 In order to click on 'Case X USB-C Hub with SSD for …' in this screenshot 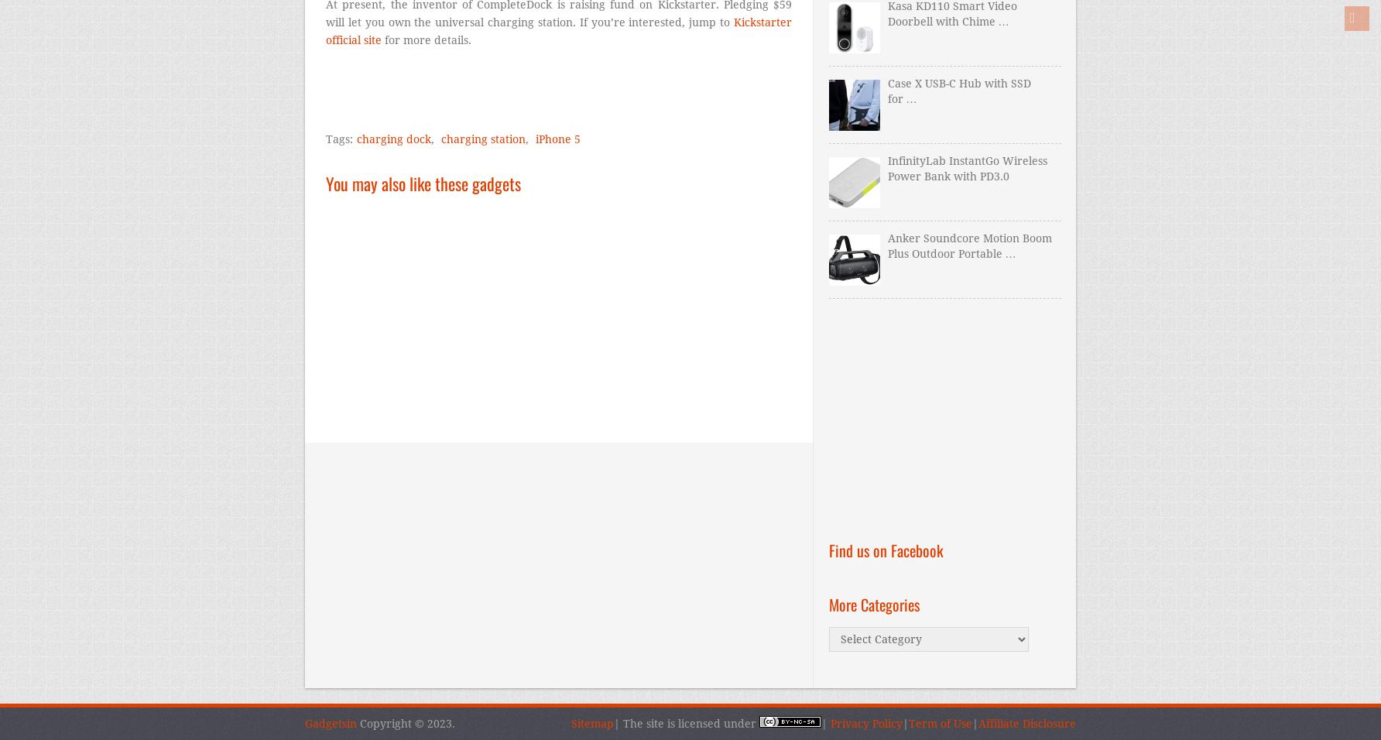, I will do `click(958, 90)`.